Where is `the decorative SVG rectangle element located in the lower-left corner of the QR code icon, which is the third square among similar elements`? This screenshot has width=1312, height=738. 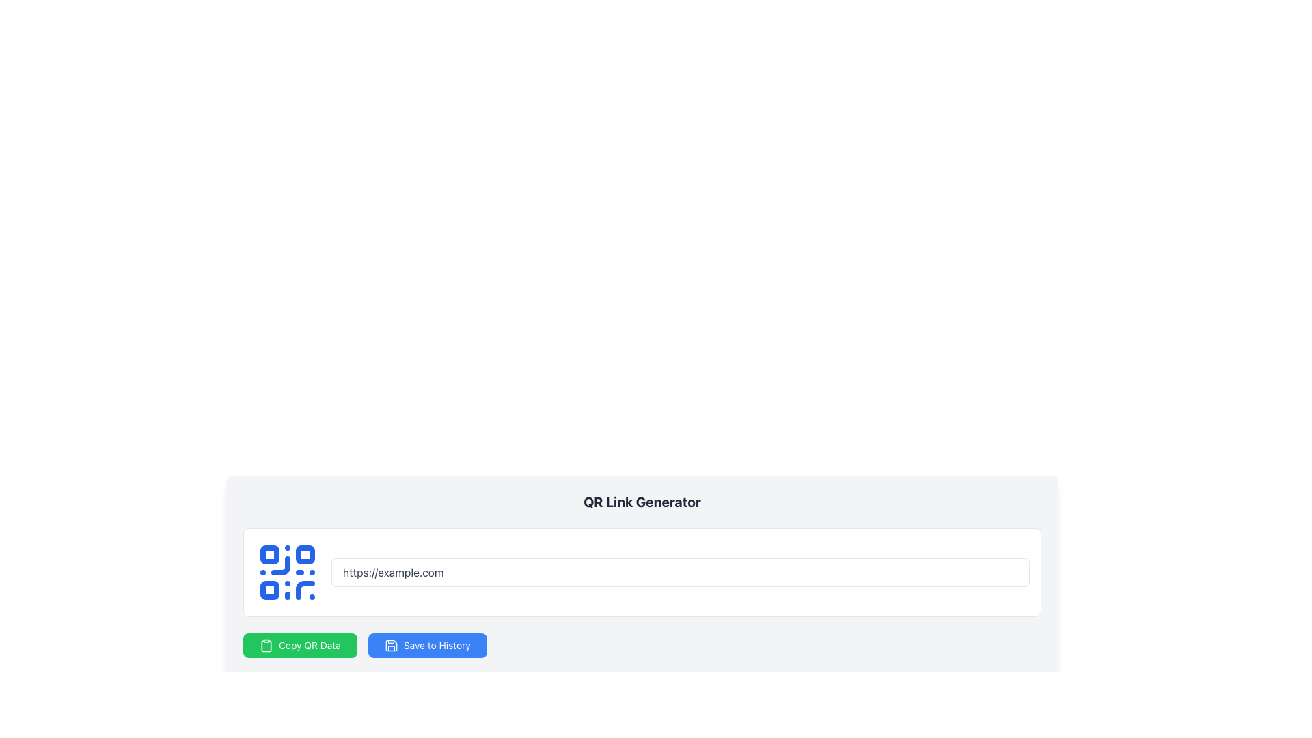 the decorative SVG rectangle element located in the lower-left corner of the QR code icon, which is the third square among similar elements is located at coordinates (269, 590).